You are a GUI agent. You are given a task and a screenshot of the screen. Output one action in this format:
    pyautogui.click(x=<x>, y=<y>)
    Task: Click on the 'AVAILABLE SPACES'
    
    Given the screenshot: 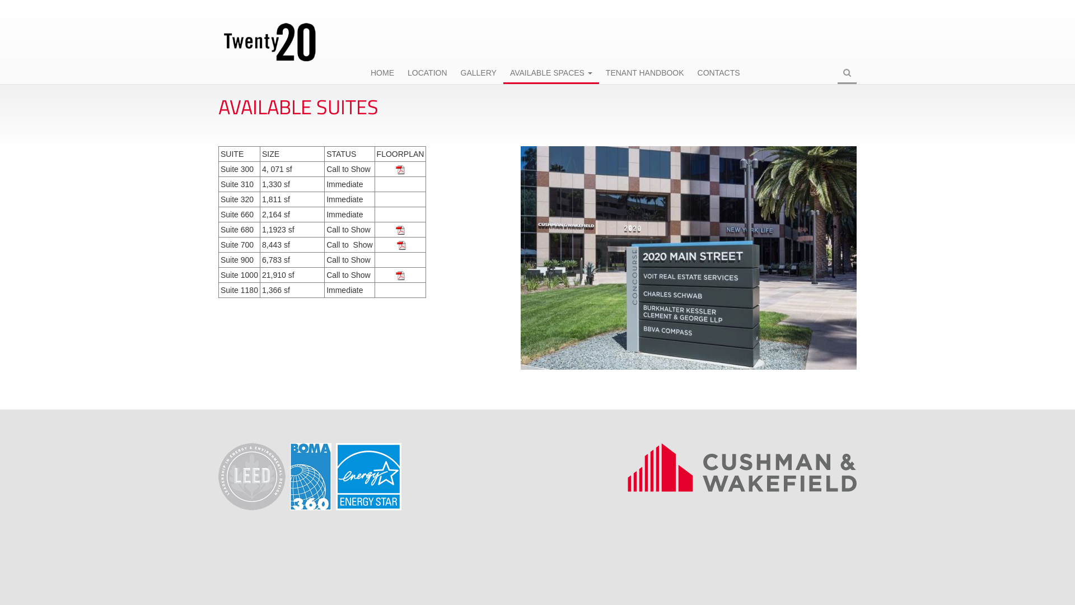 What is the action you would take?
    pyautogui.click(x=551, y=73)
    